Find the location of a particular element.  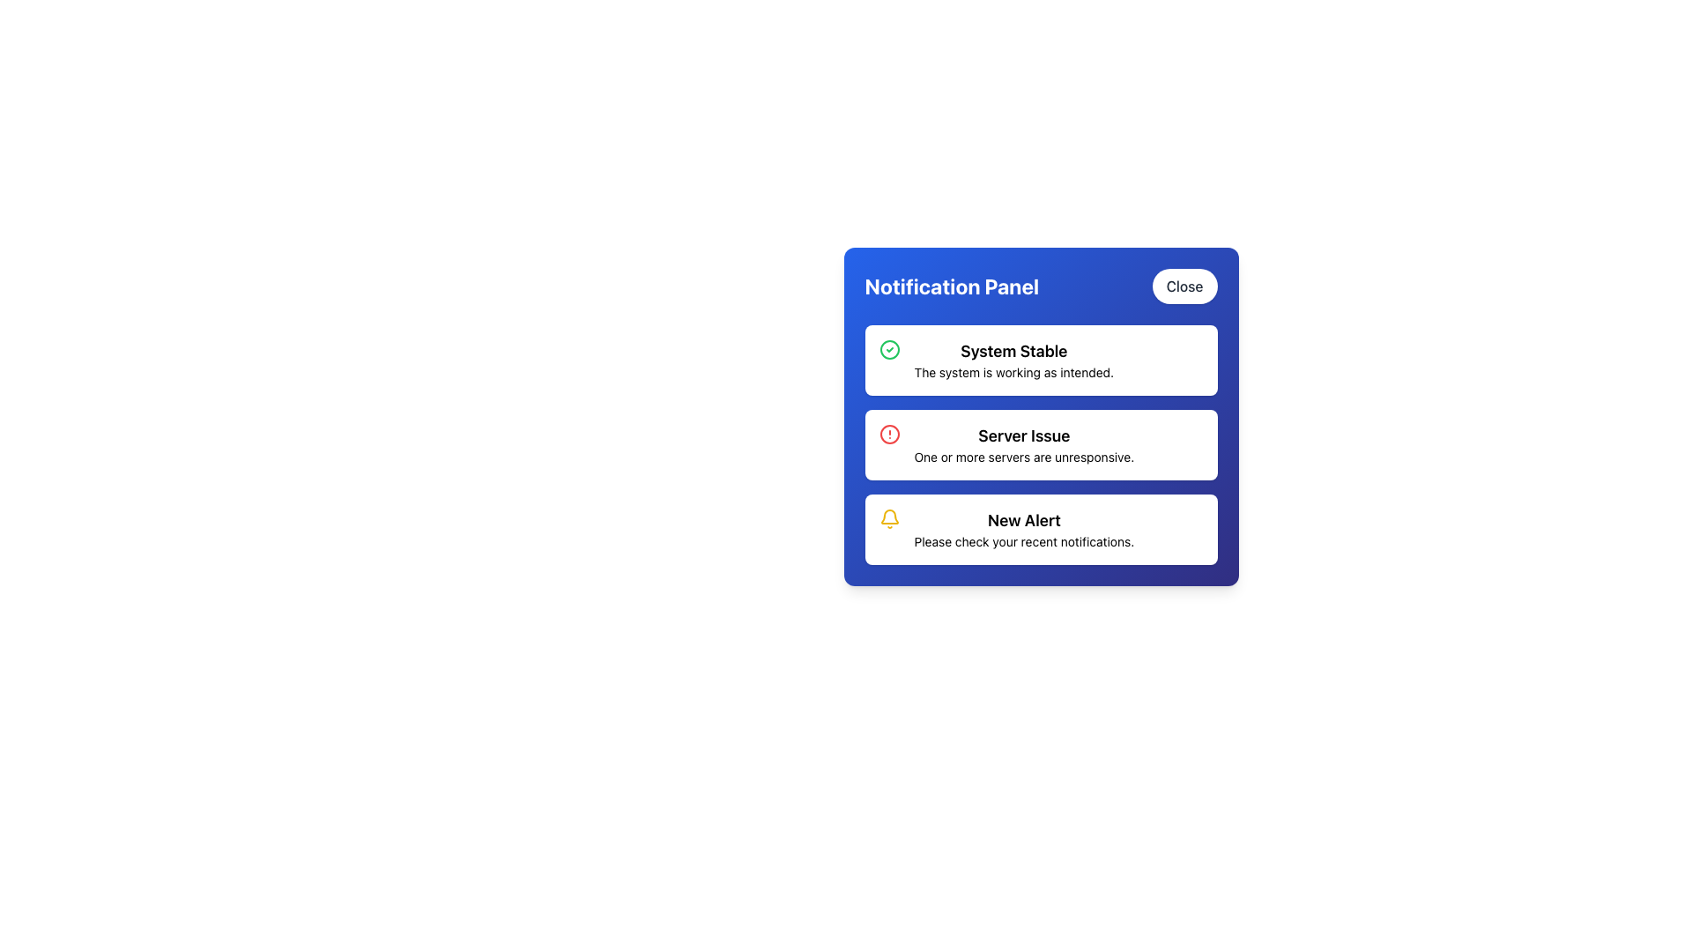

alert message from the Notification card located in the center of the notification panel, which is the second notification card between 'System Stable' and 'New Alert' is located at coordinates (1041, 444).